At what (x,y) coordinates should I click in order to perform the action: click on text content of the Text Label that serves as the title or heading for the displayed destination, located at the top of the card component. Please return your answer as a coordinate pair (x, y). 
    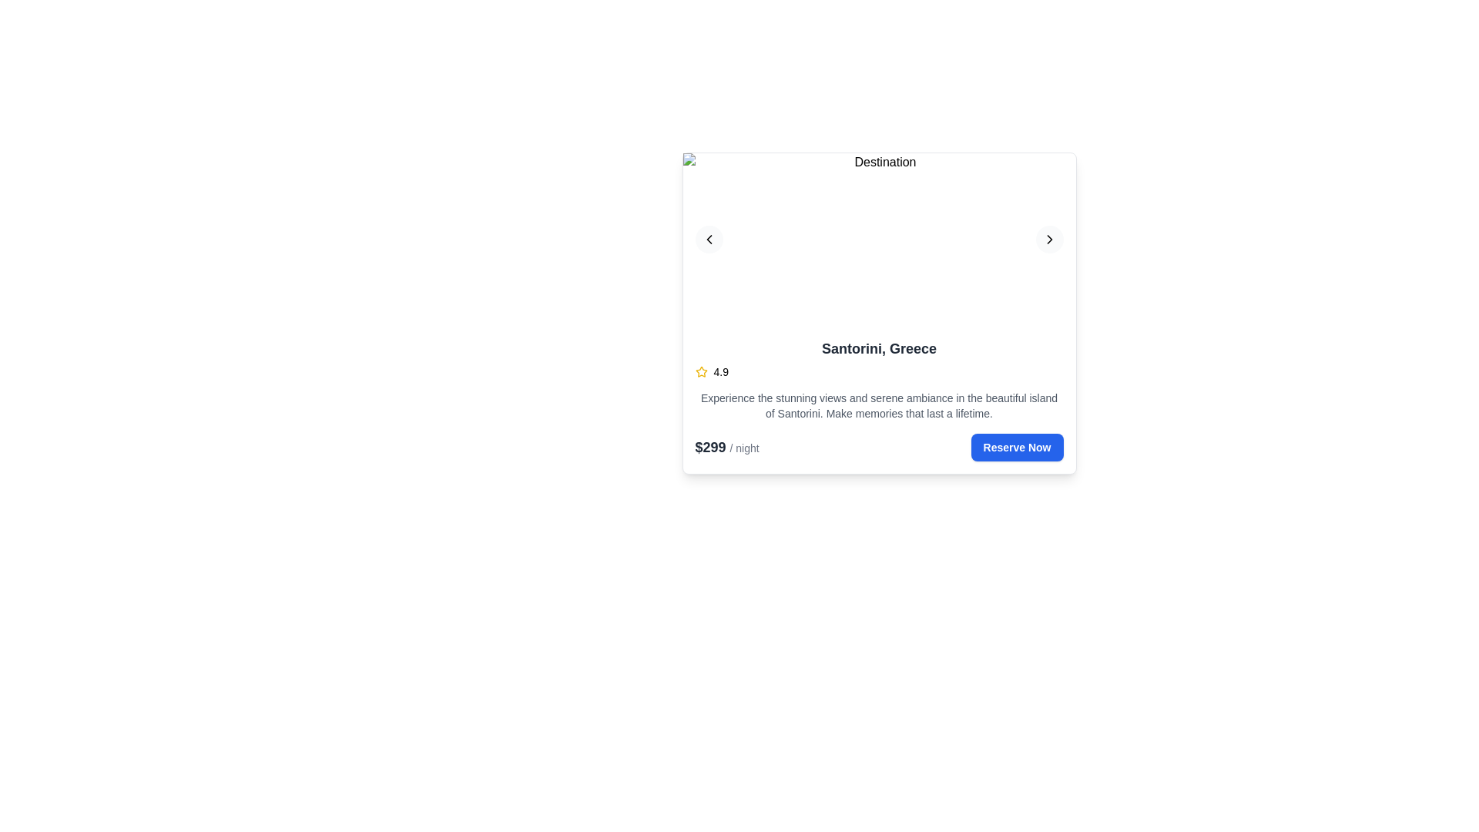
    Looking at the image, I should click on (879, 348).